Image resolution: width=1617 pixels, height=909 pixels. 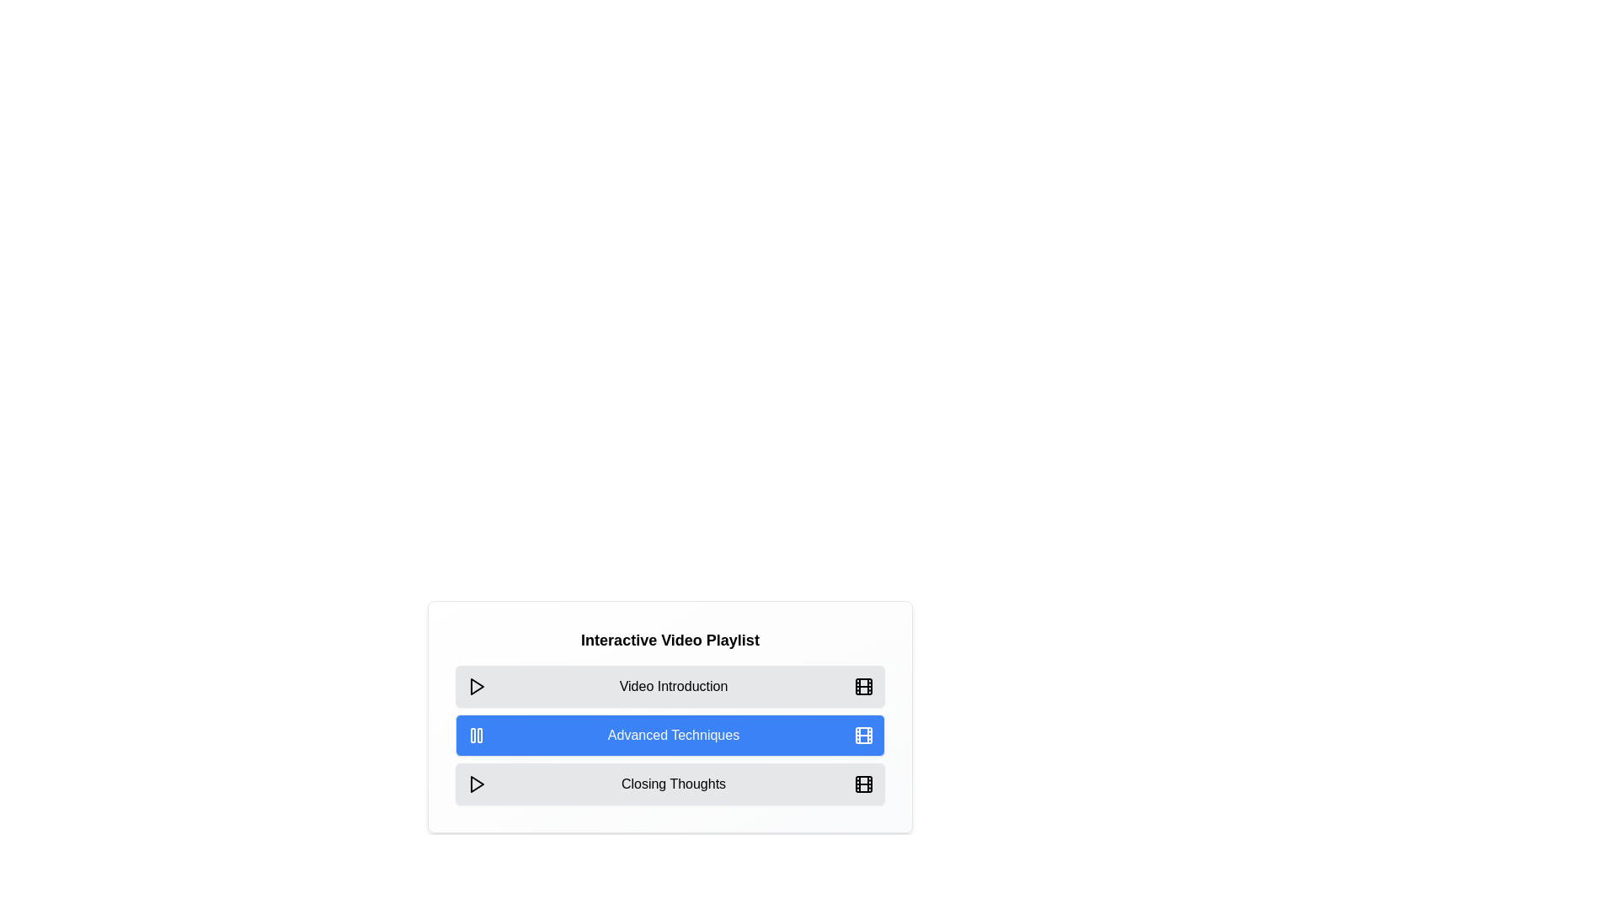 What do you see at coordinates (864, 784) in the screenshot?
I see `the Film icon associated with the video titled 'Closing Thoughts'` at bounding box center [864, 784].